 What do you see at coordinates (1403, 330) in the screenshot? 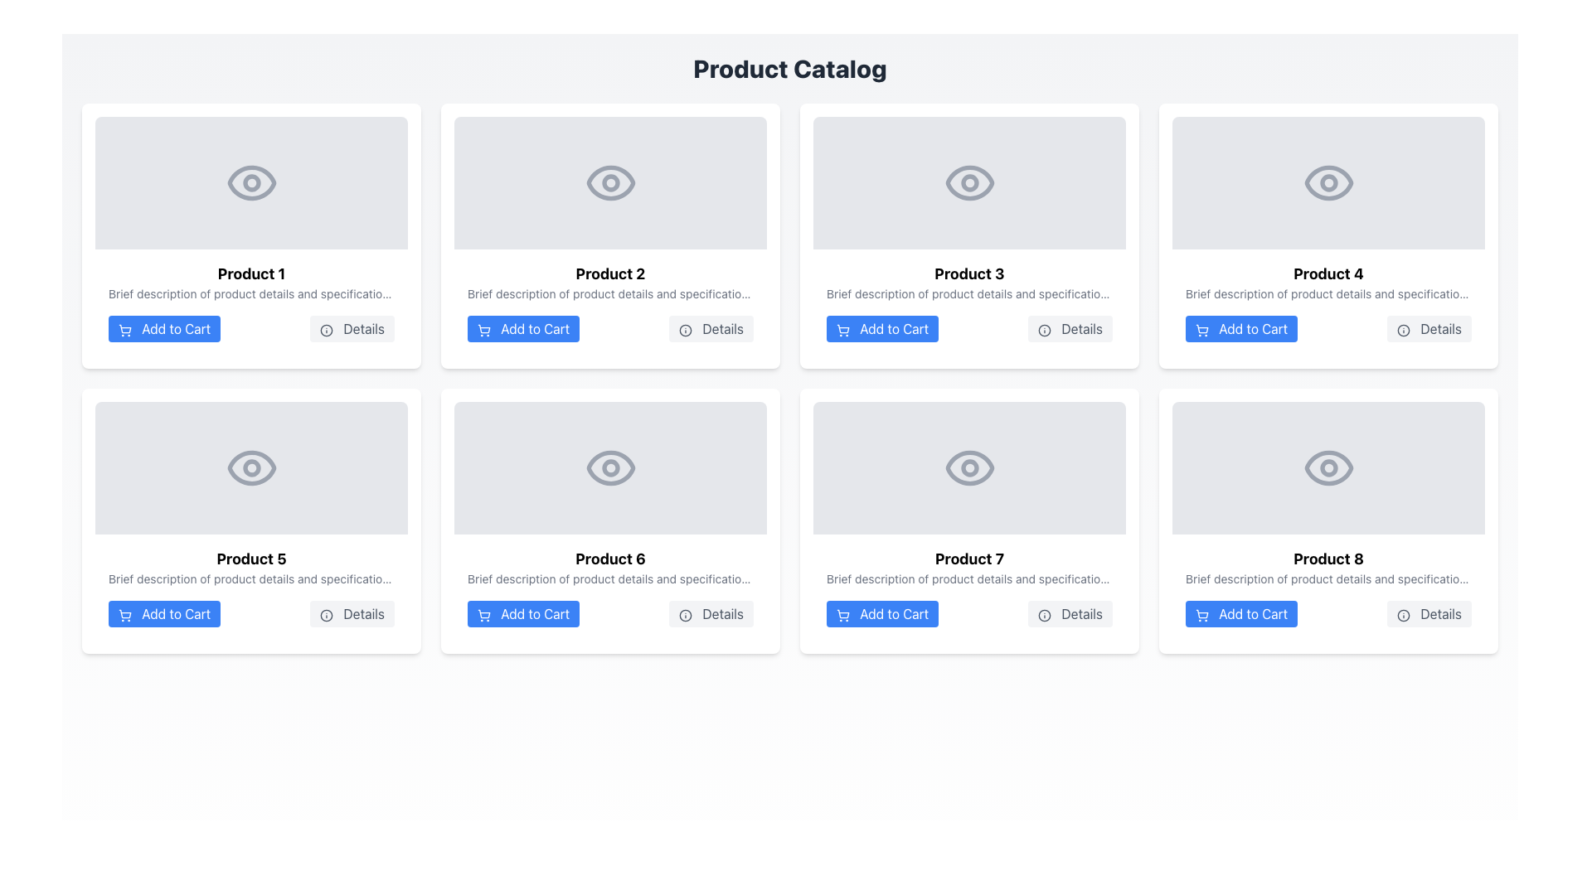
I see `the 'Details' button associated with Product 4, which contains a circular icon, to interact with it` at bounding box center [1403, 330].